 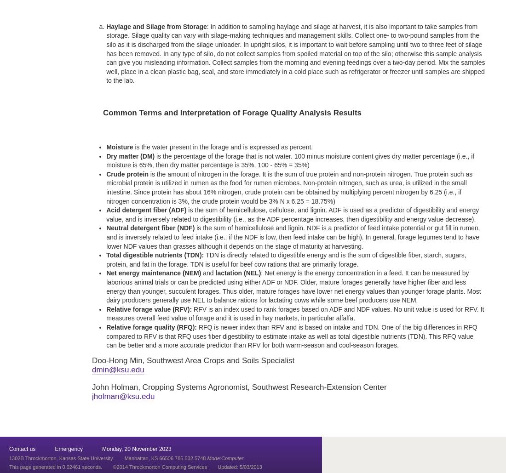 What do you see at coordinates (148, 308) in the screenshot?
I see `'Relative forage value (RFV):'` at bounding box center [148, 308].